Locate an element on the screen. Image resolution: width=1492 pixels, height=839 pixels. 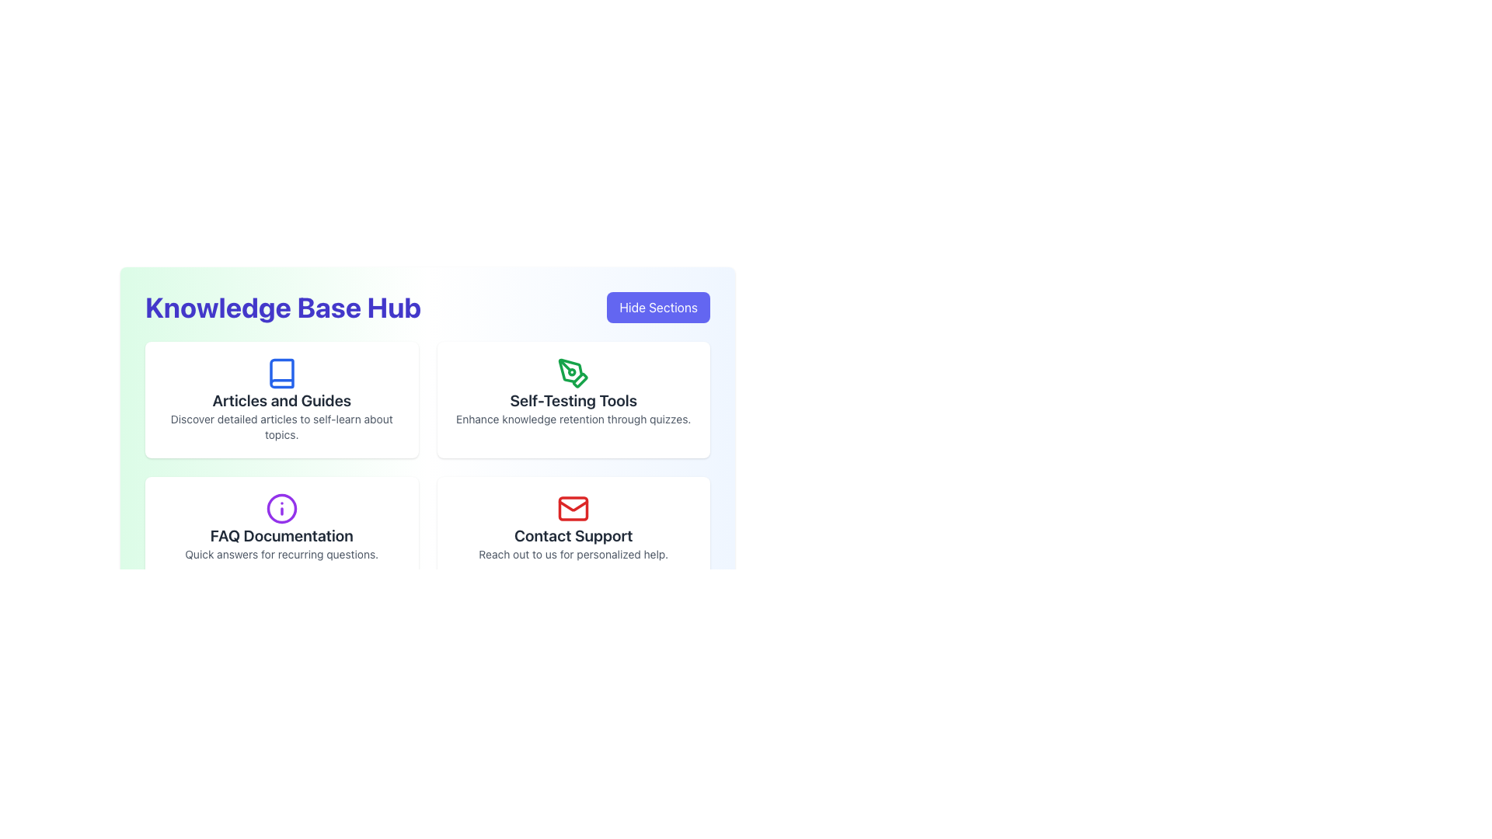
static text label indicating the purpose or content related to Frequently Asked Questions, positioned in the center-left of the interface is located at coordinates (281, 535).